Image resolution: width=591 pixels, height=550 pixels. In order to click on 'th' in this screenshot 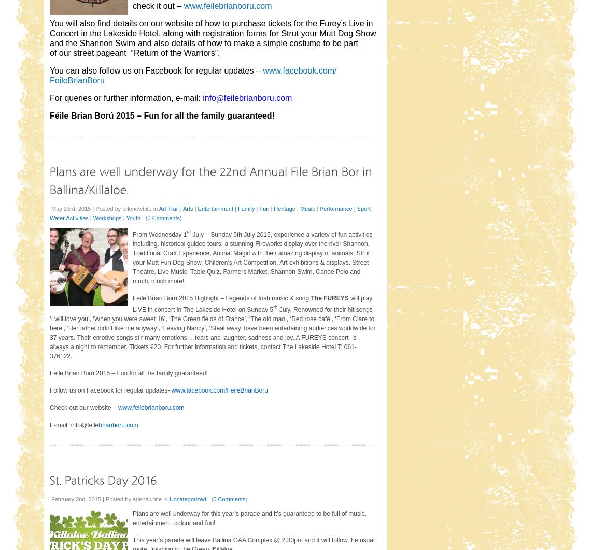, I will do `click(275, 307)`.